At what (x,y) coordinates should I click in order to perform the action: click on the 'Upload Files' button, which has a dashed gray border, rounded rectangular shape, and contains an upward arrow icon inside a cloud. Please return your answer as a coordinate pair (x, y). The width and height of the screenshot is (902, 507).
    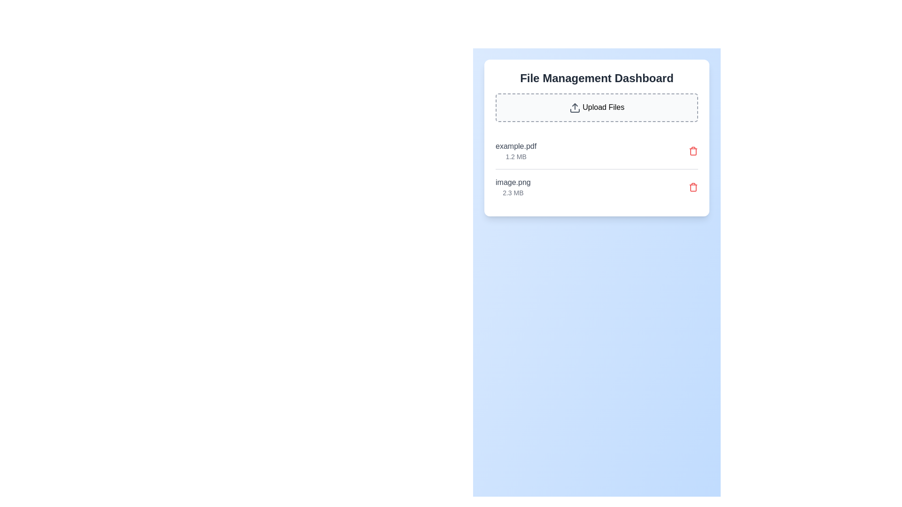
    Looking at the image, I should click on (596, 107).